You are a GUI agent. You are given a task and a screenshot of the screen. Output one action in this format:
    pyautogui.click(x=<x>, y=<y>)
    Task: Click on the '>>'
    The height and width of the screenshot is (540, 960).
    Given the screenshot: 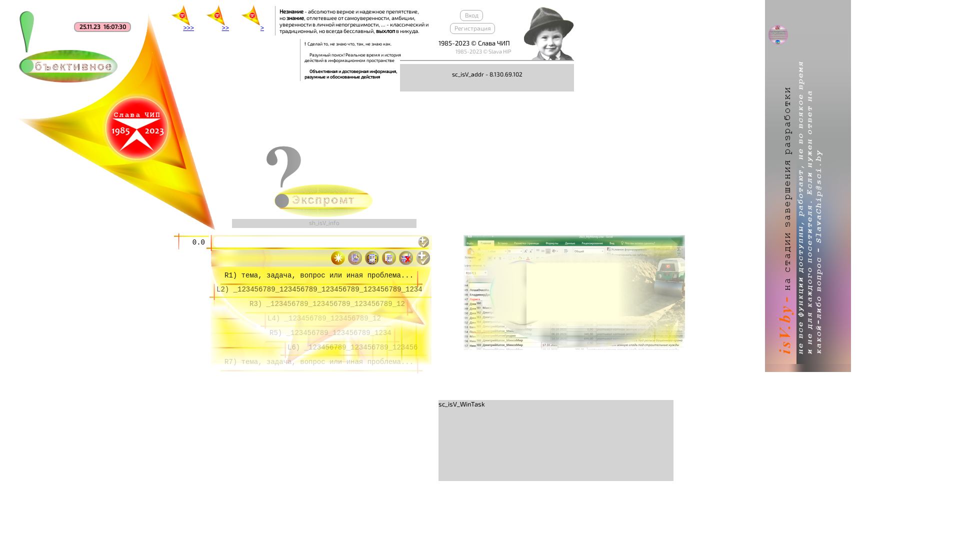 What is the action you would take?
    pyautogui.click(x=216, y=19)
    